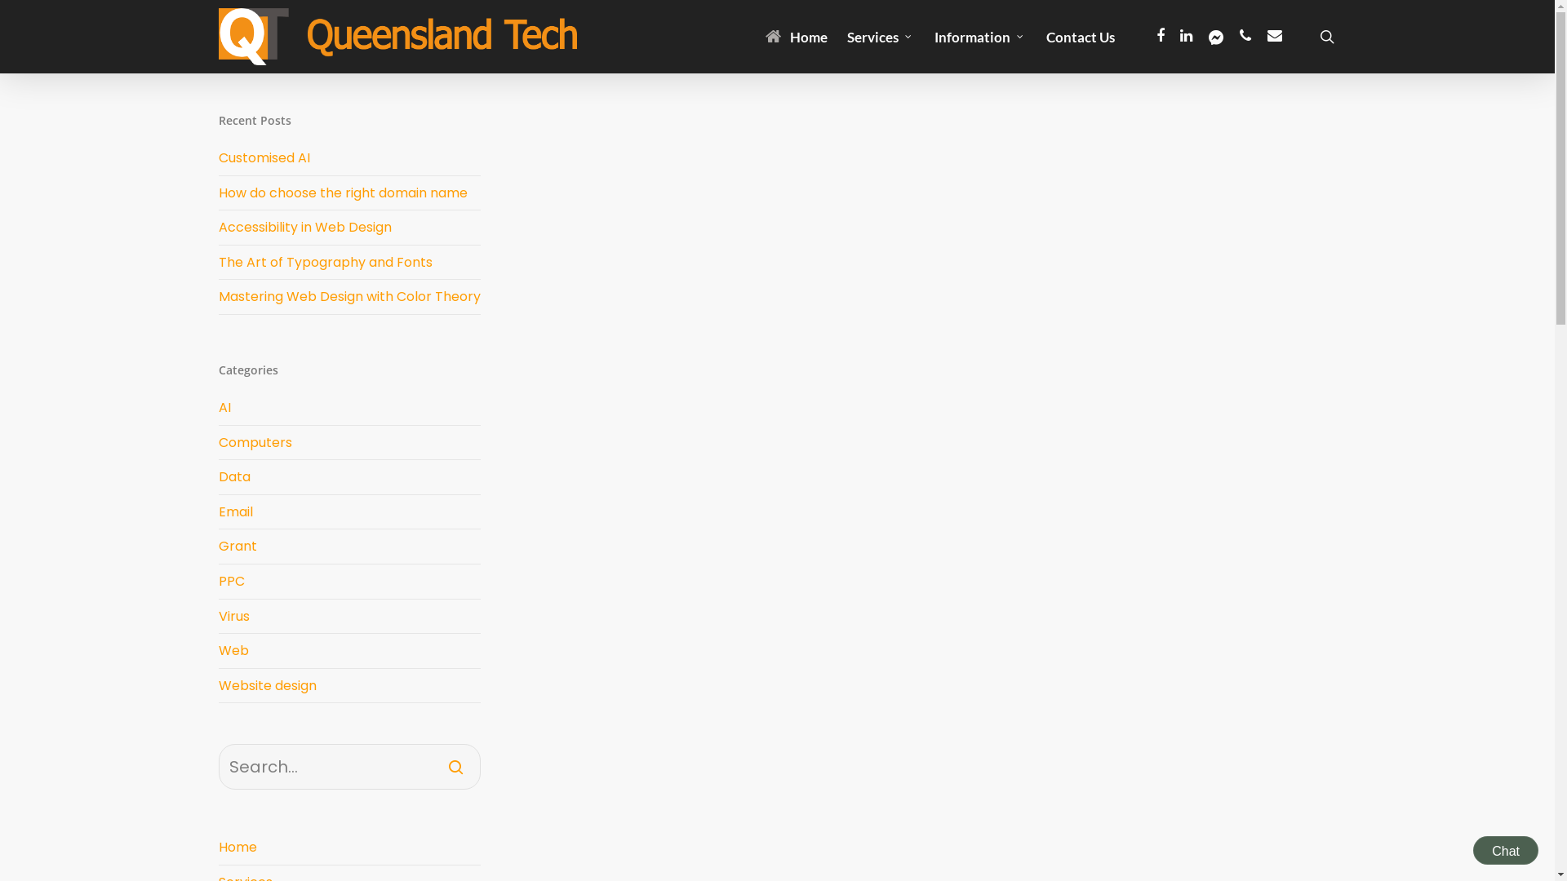 The height and width of the screenshot is (881, 1567). Describe the element at coordinates (348, 296) in the screenshot. I see `'Mastering Web Design with Color Theory'` at that location.